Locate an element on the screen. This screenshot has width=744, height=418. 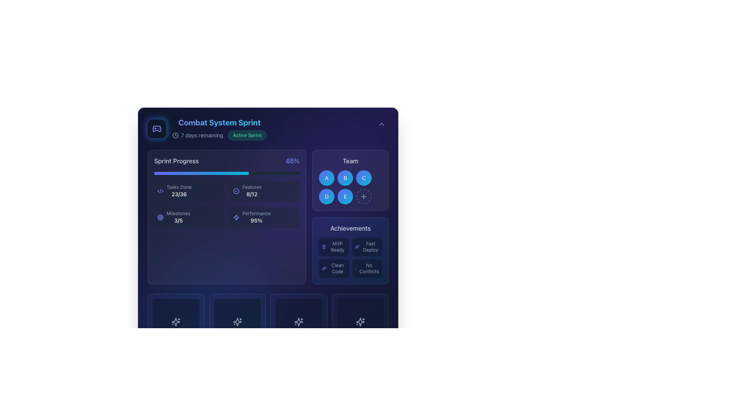
label with the text 'Active Sprint' that is styled with green text and a rounded border, located to the right of '7 days remaining' in the header area to understand the current sprint state is located at coordinates (247, 135).